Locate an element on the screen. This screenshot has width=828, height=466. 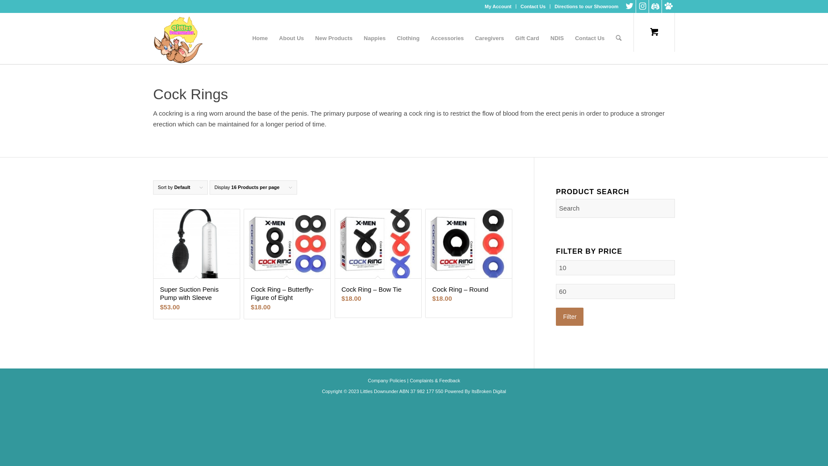
'Company Policies' is located at coordinates (386, 380).